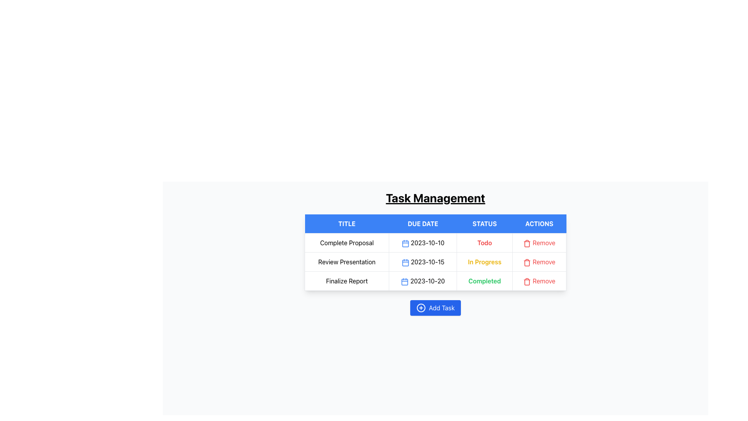 The height and width of the screenshot is (421, 748). I want to click on the date display element showing '2023-10-10' or the blue calendar icon to its left for potential interactions, so click(422, 242).